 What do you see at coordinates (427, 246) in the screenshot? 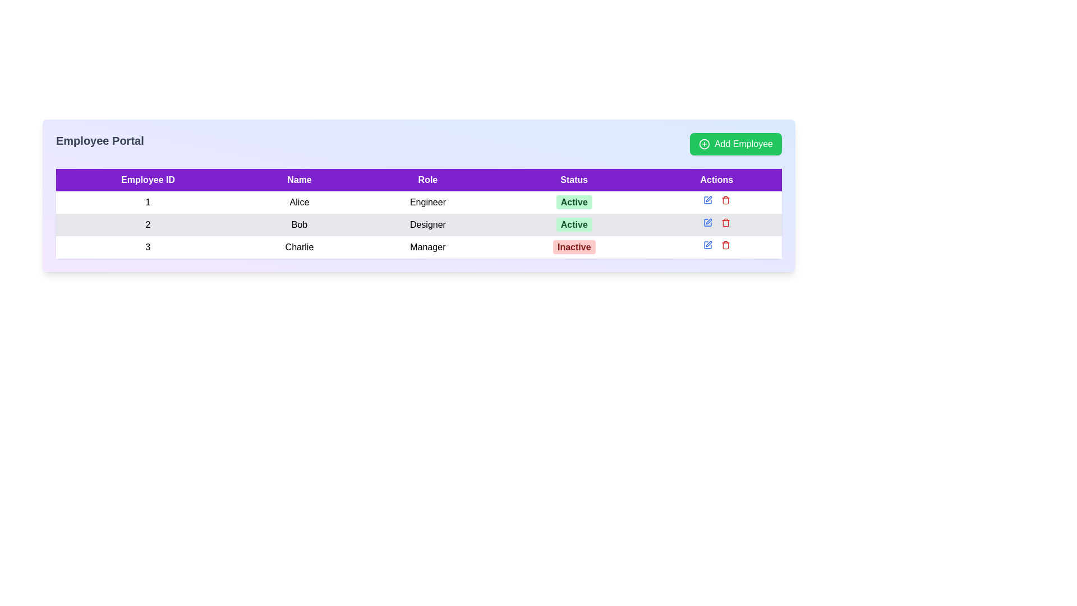
I see `the 'Role' text label for 'Charlie' in the third row of the table to indicate the job title associated with this individual` at bounding box center [427, 246].